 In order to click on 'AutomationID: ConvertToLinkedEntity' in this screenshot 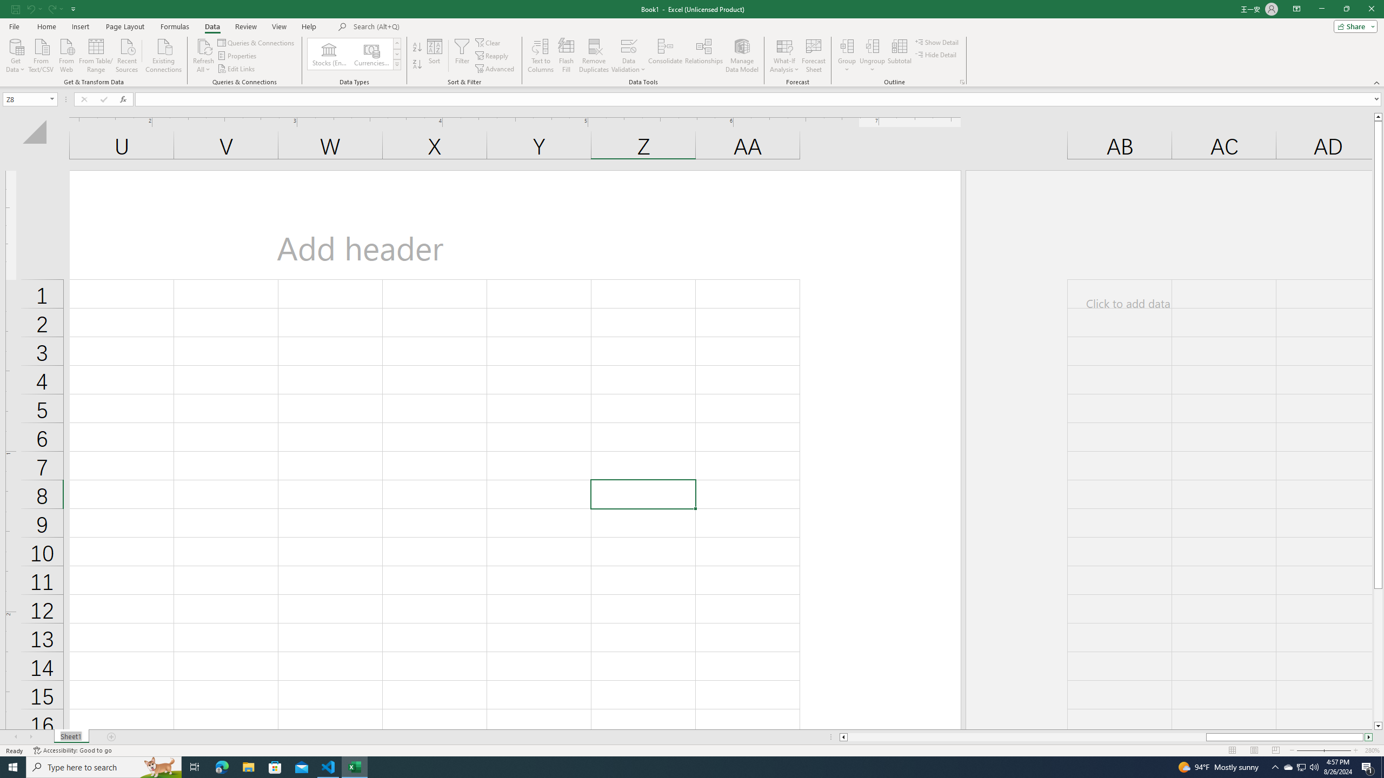, I will do `click(354, 53)`.